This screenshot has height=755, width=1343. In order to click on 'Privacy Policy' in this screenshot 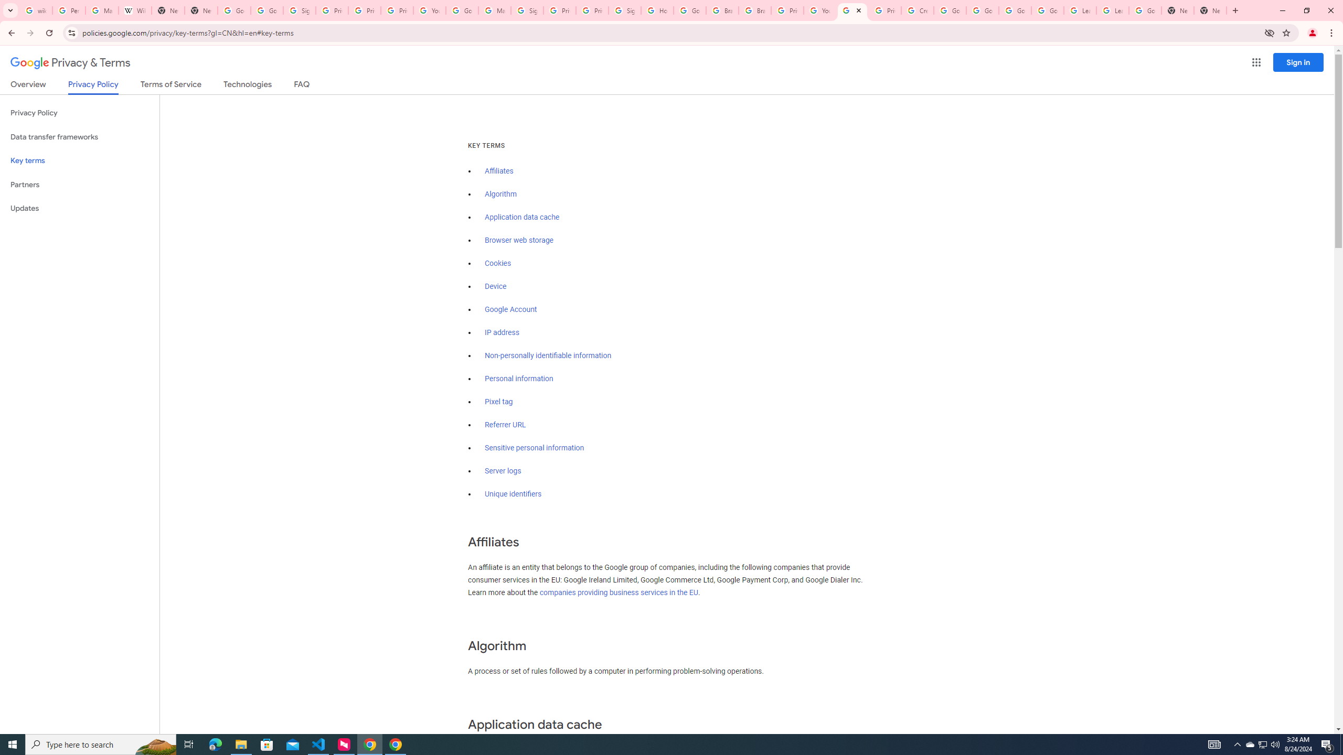, I will do `click(79, 113)`.